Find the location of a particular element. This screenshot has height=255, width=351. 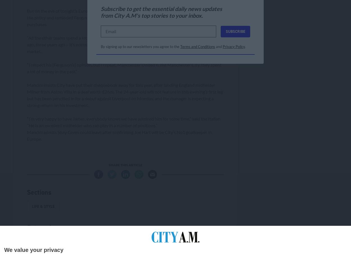

'Sport' is located at coordinates (32, 242).